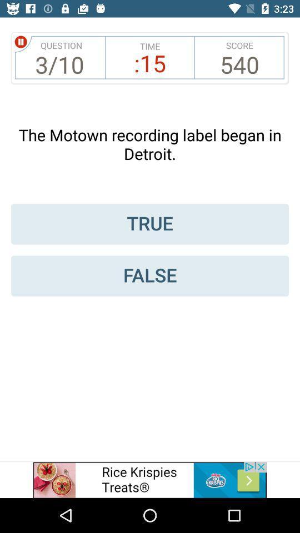 The image size is (300, 533). I want to click on the option below the true, so click(150, 275).